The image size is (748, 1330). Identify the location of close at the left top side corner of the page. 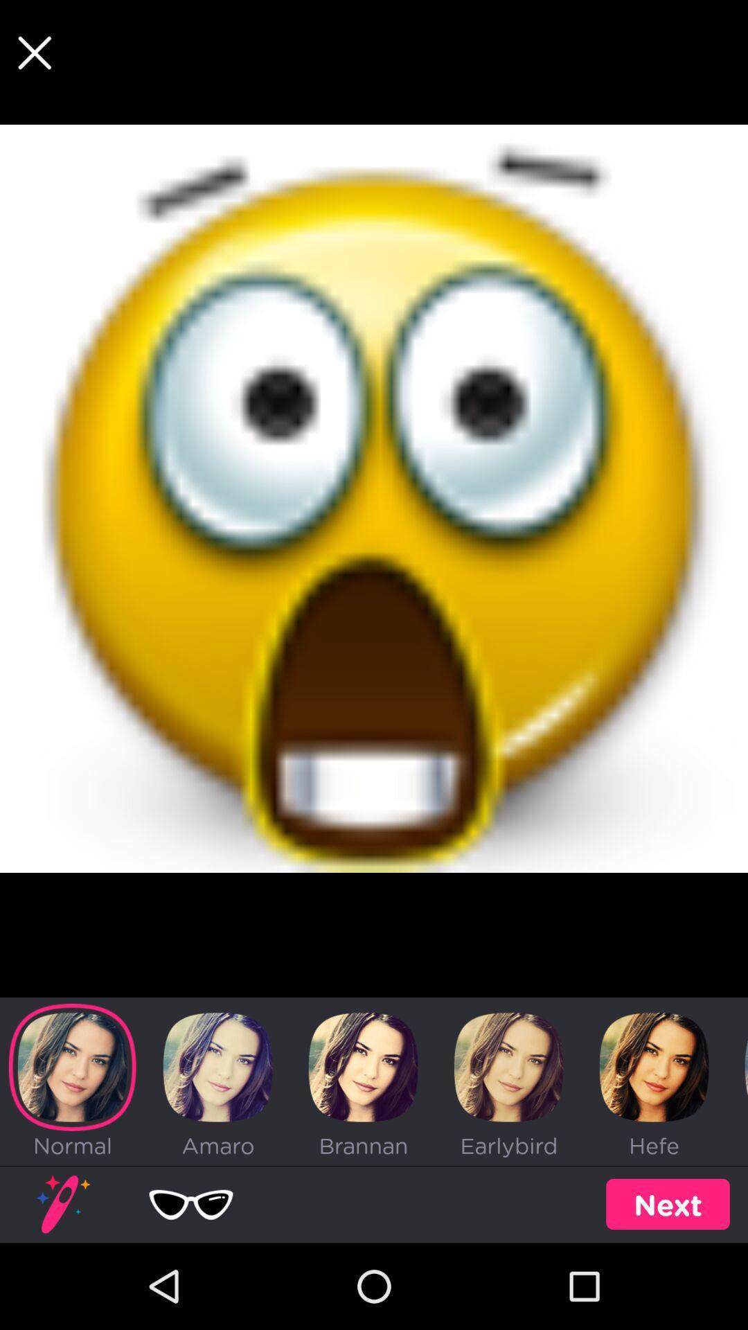
(34, 53).